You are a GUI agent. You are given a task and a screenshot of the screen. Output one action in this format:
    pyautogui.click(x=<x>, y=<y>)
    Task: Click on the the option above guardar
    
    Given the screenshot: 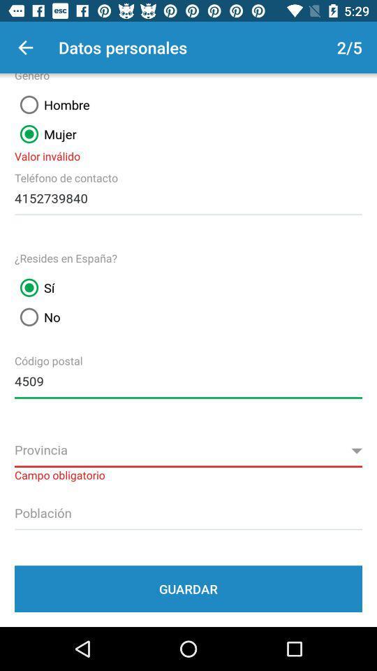 What is the action you would take?
    pyautogui.click(x=188, y=510)
    